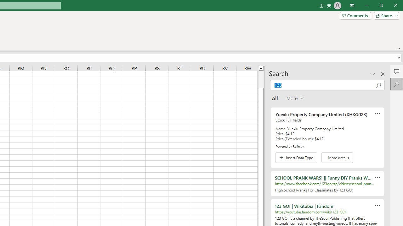 The height and width of the screenshot is (226, 403). What do you see at coordinates (390, 6) in the screenshot?
I see `'Maximize'` at bounding box center [390, 6].